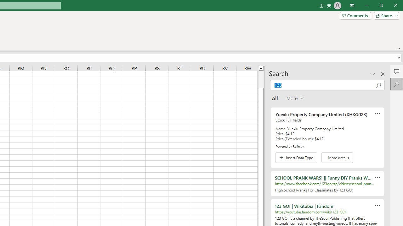 The height and width of the screenshot is (226, 403). What do you see at coordinates (390, 6) in the screenshot?
I see `'Maximize'` at bounding box center [390, 6].